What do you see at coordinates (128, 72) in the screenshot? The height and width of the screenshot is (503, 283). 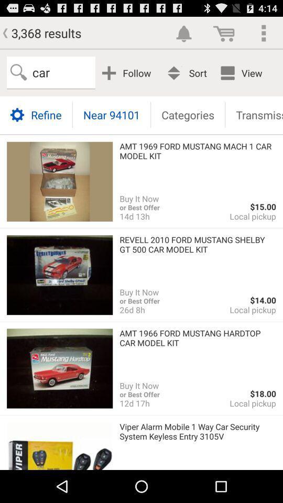 I see `follow item` at bounding box center [128, 72].